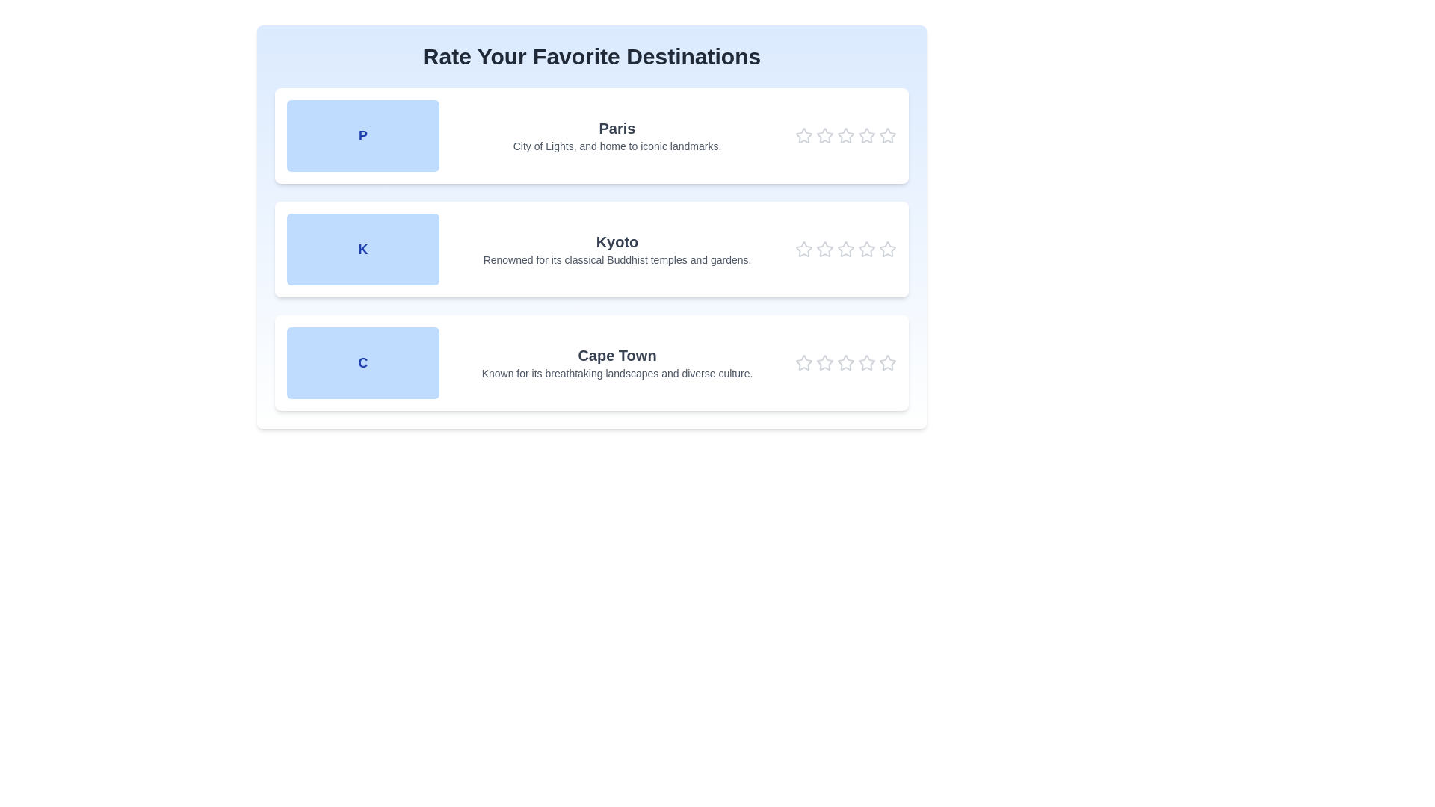  Describe the element at coordinates (867, 249) in the screenshot. I see `the fourth star in the rating system for the 'Kyoto' destination` at that location.